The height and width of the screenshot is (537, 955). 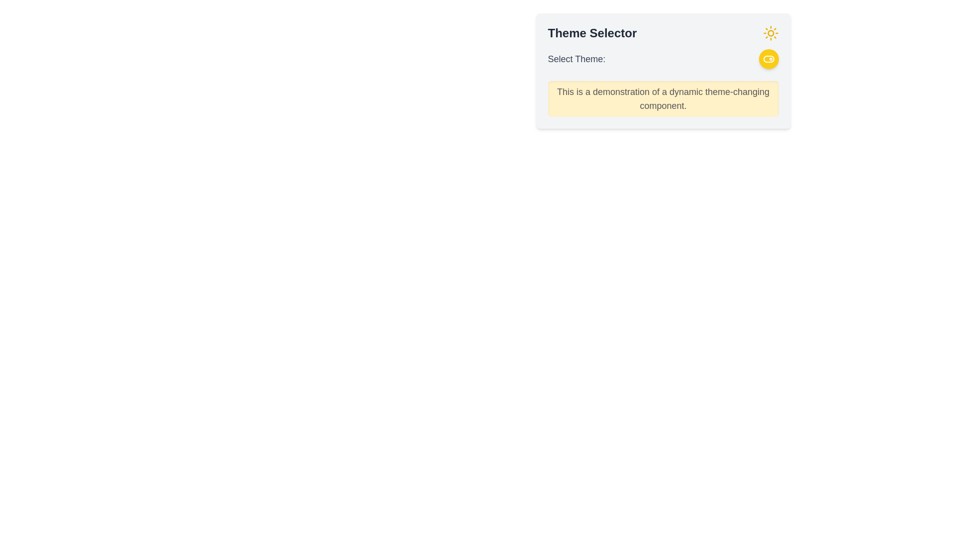 What do you see at coordinates (663, 99) in the screenshot?
I see `the text display component that shows the content 'This is a demonstration of a dynamic theme-changing component.' with a large font size and dark gray color` at bounding box center [663, 99].